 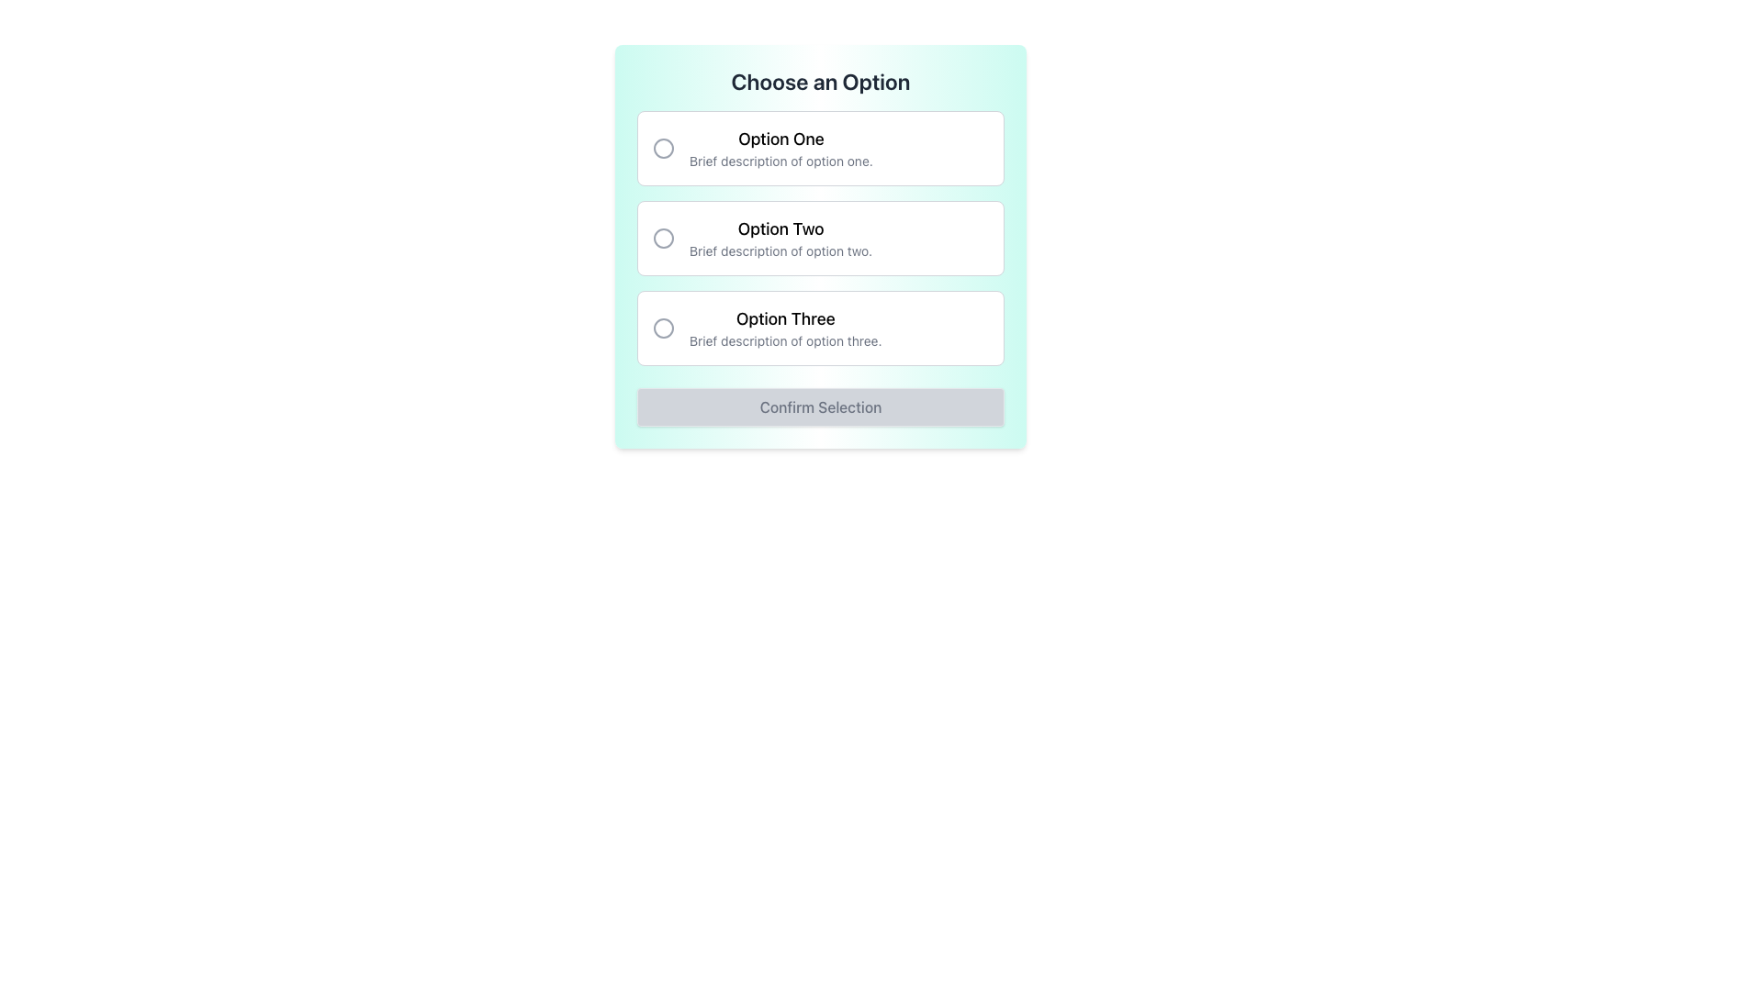 I want to click on the 'Option Two' text label, so click(x=780, y=228).